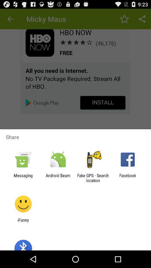 This screenshot has width=151, height=268. I want to click on the app to the right of the messaging, so click(58, 178).